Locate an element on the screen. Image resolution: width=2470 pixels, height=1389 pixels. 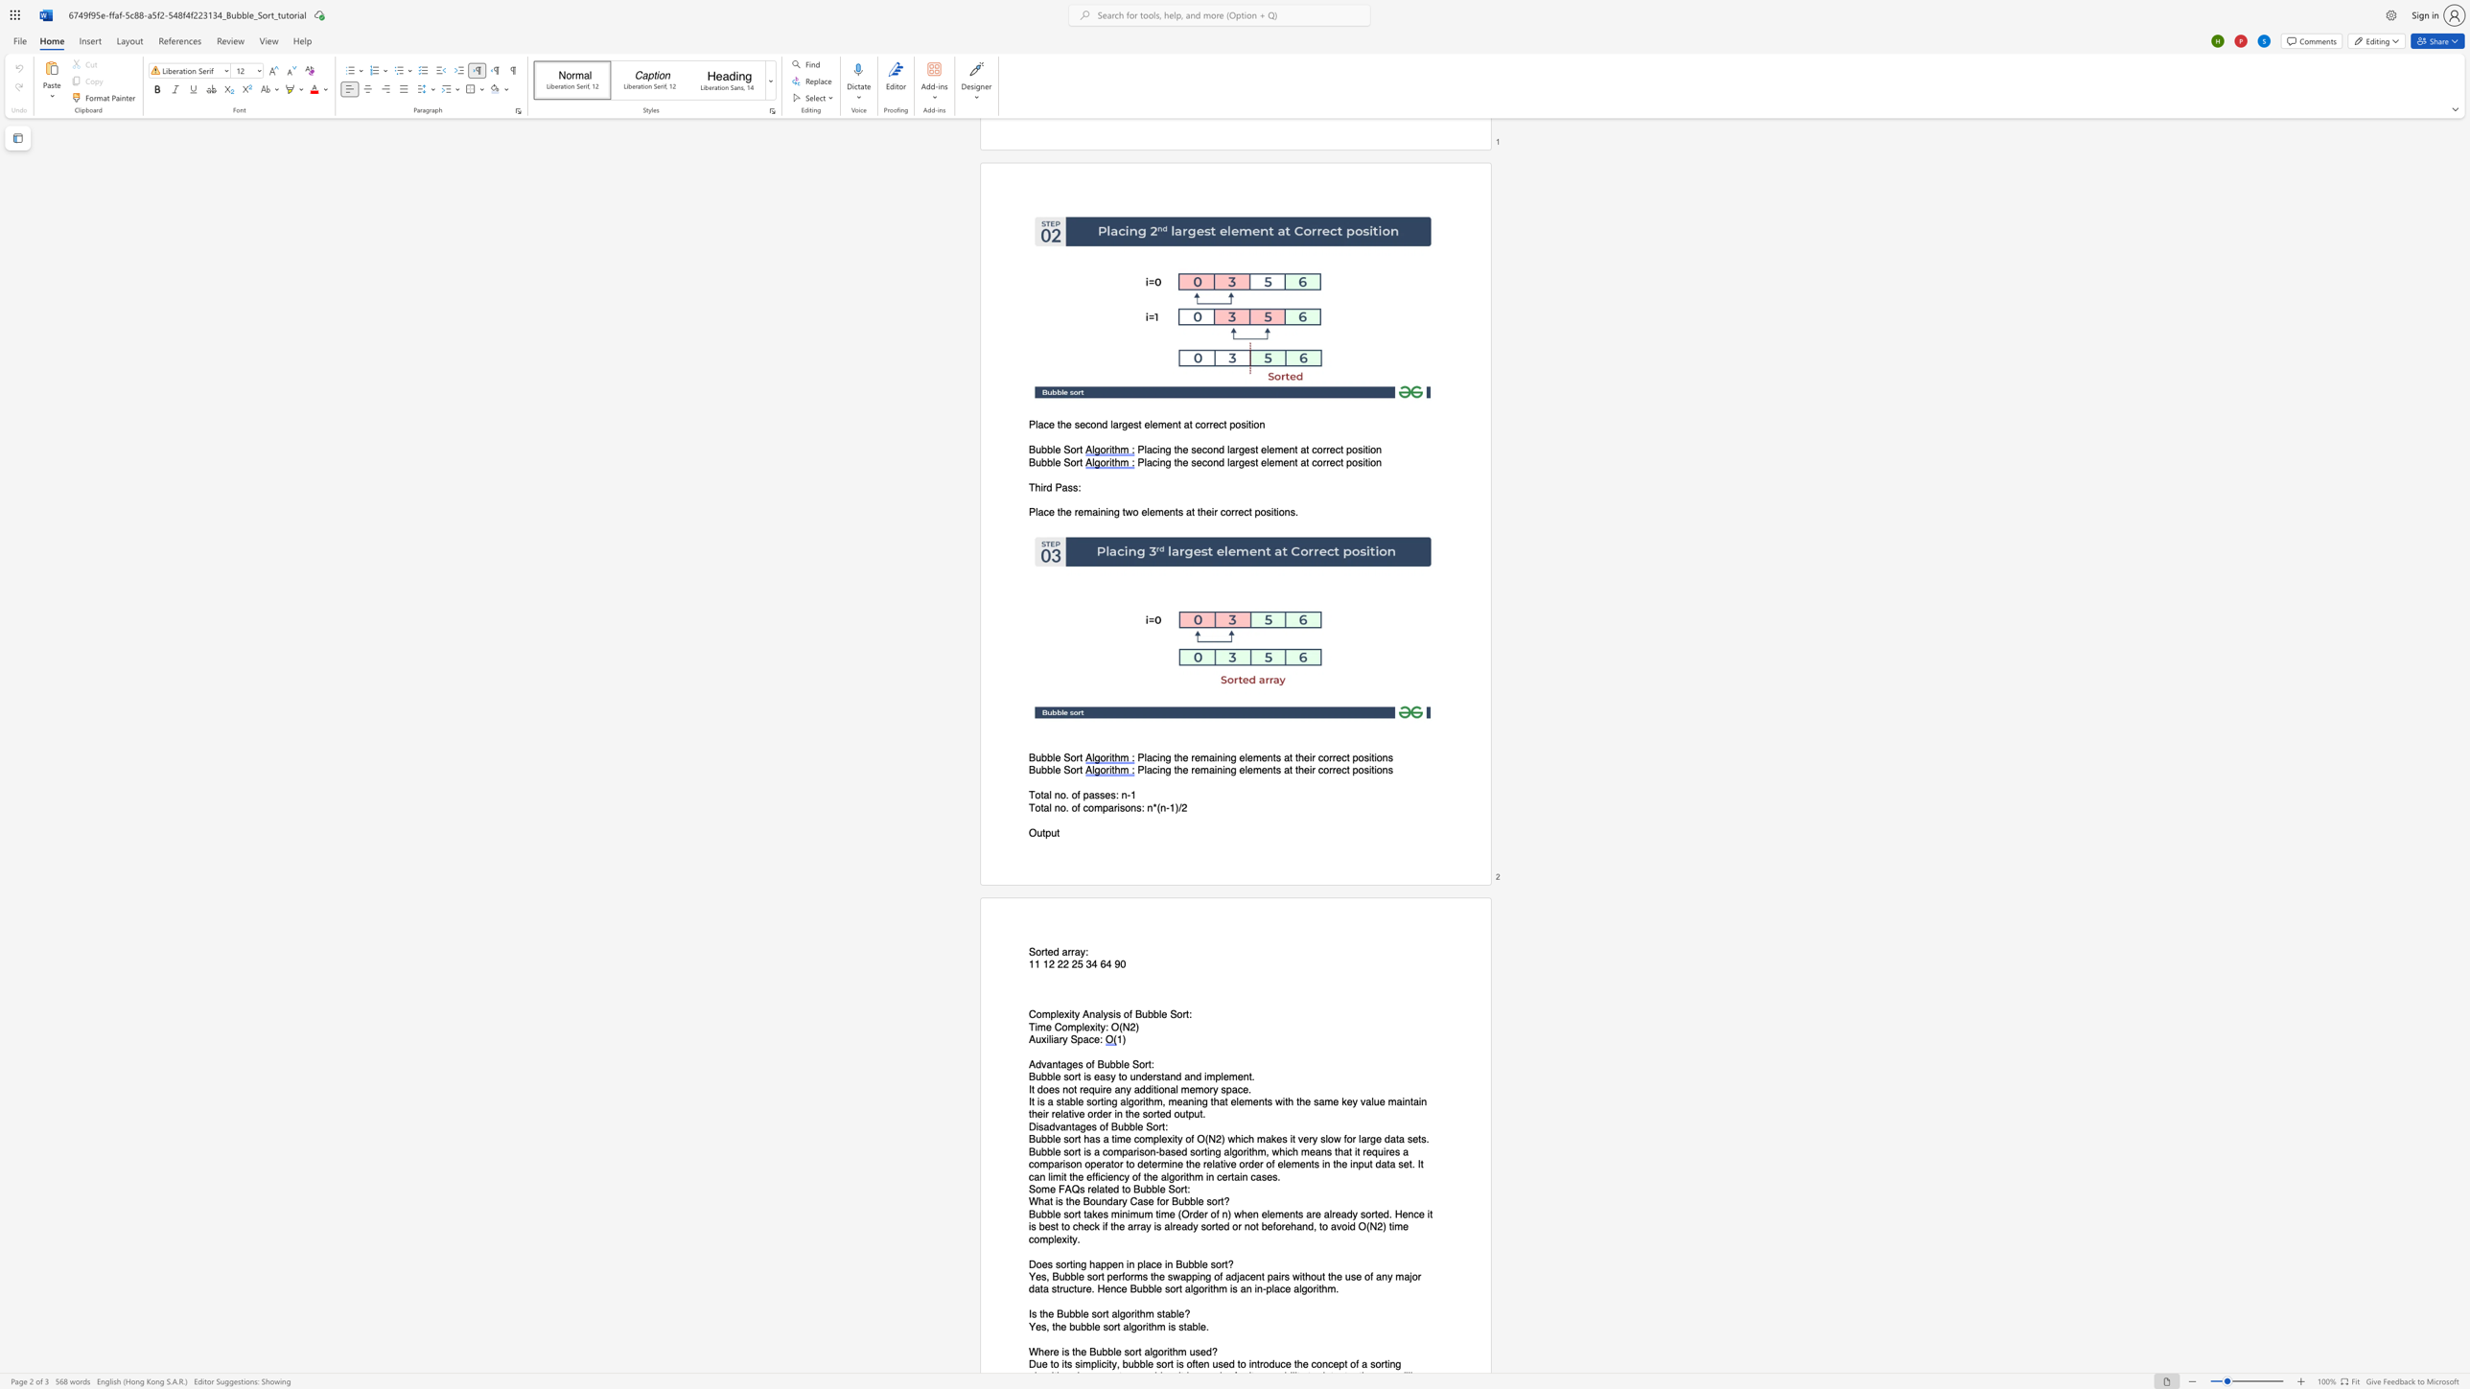
the space between the continuous character "u" and "x" in the text is located at coordinates (1040, 1039).